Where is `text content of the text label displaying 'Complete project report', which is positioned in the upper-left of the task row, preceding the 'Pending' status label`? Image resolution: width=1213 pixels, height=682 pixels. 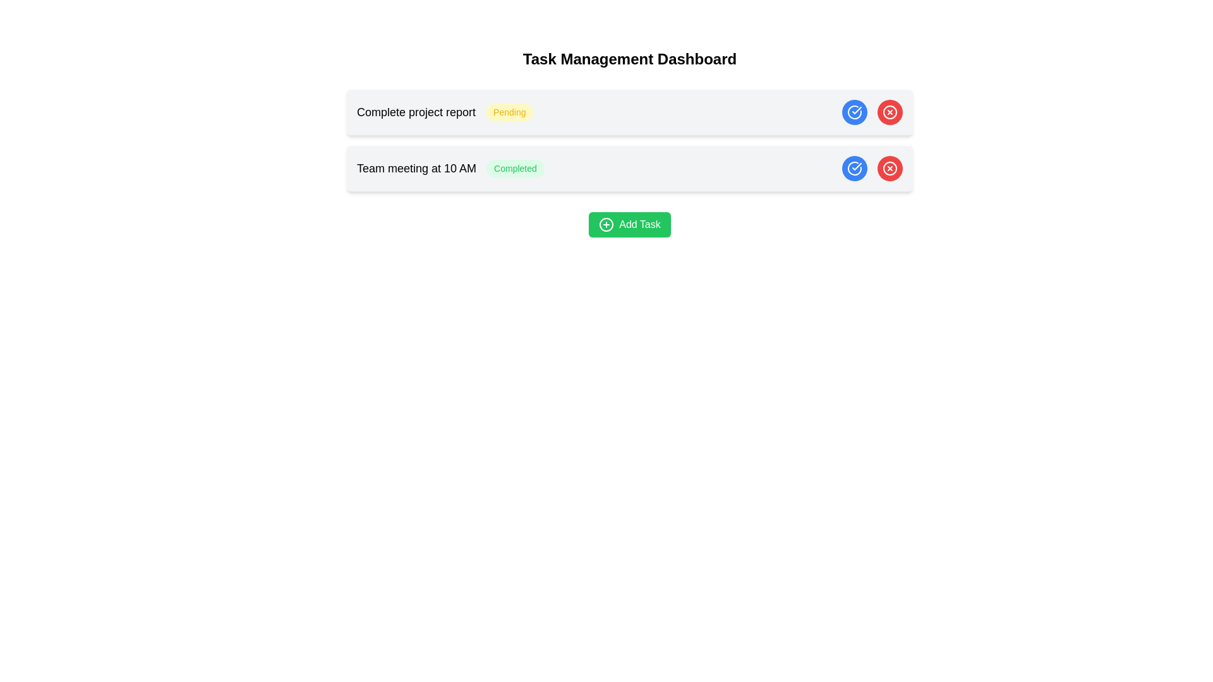
text content of the text label displaying 'Complete project report', which is positioned in the upper-left of the task row, preceding the 'Pending' status label is located at coordinates (416, 111).